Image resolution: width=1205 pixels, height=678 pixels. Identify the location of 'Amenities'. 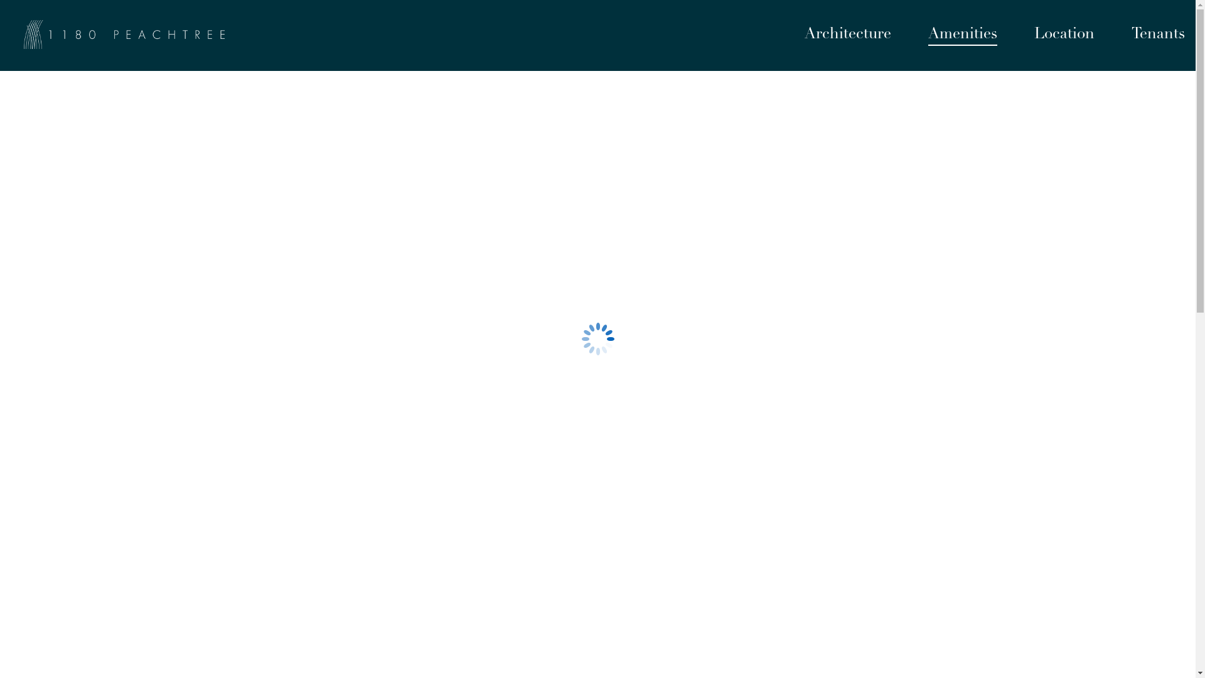
(962, 35).